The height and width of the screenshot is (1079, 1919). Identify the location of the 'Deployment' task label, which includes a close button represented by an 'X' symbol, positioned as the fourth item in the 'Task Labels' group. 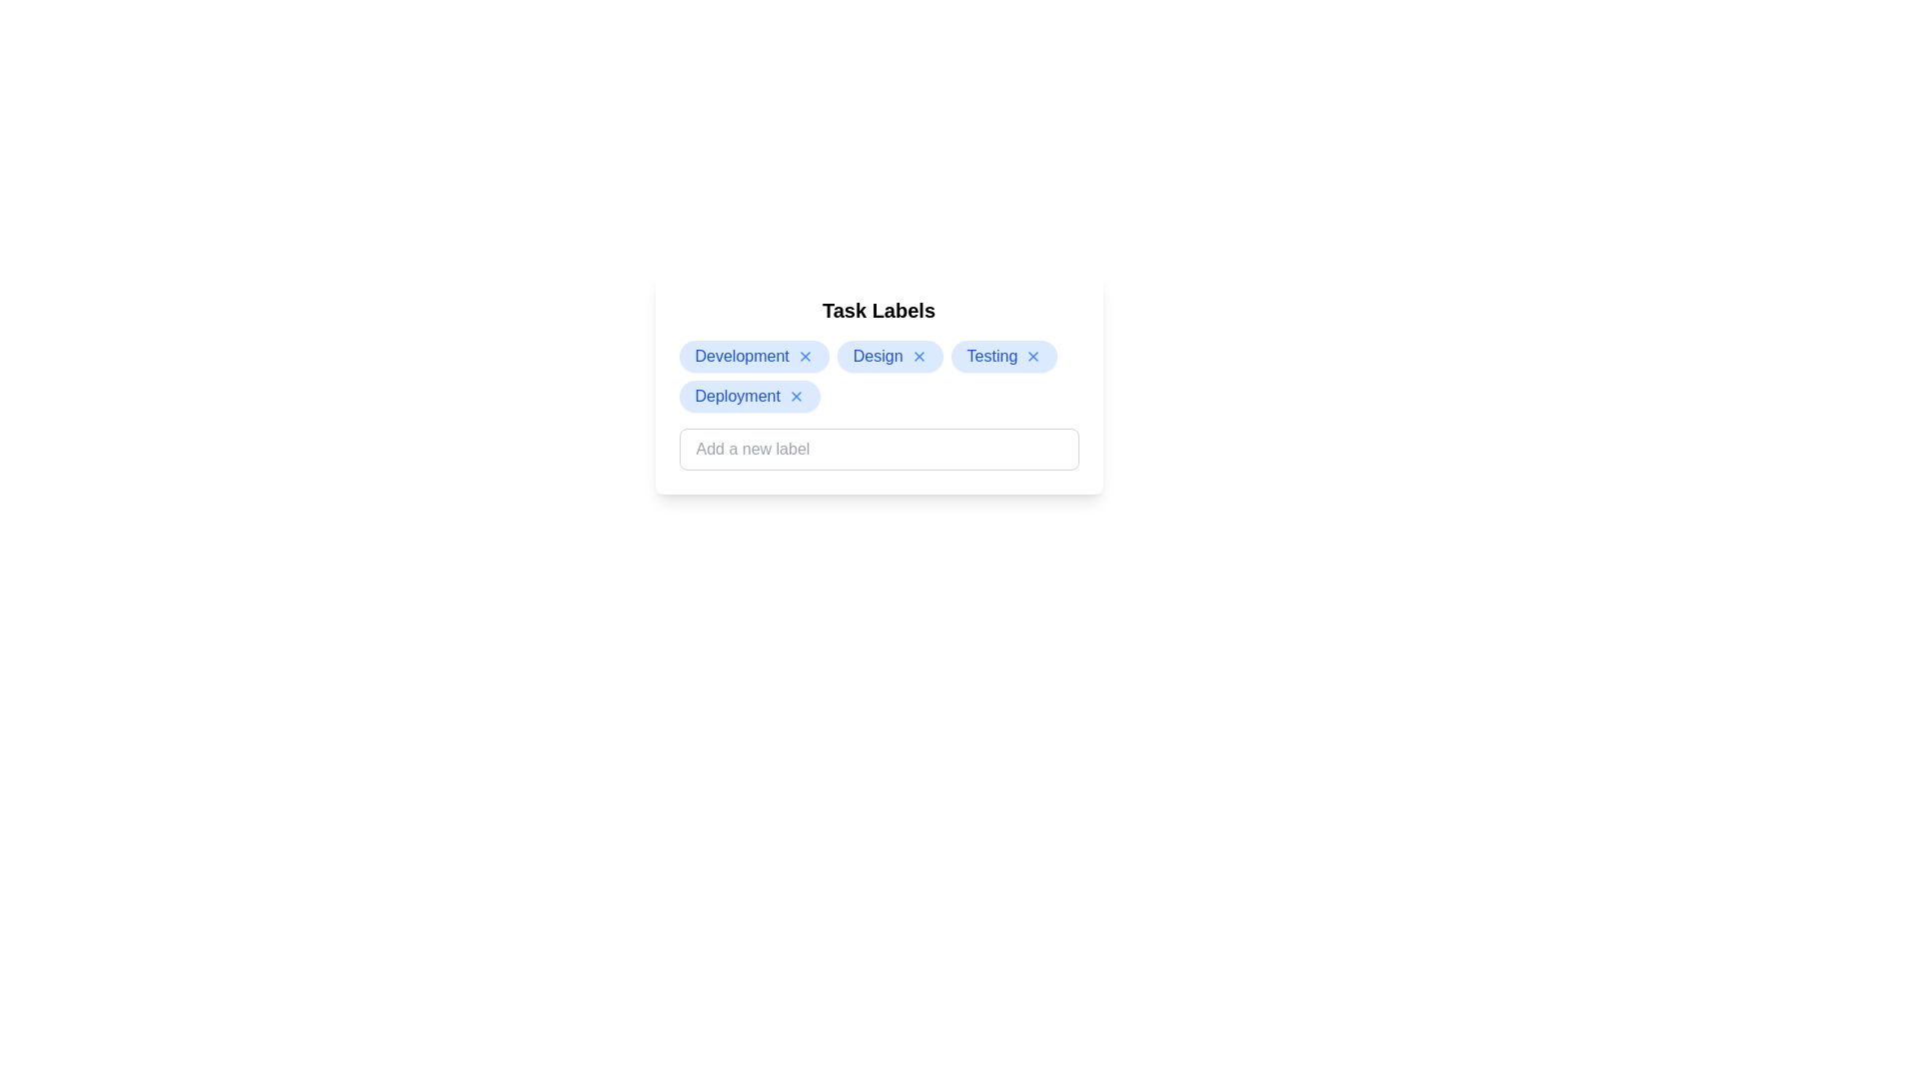
(749, 397).